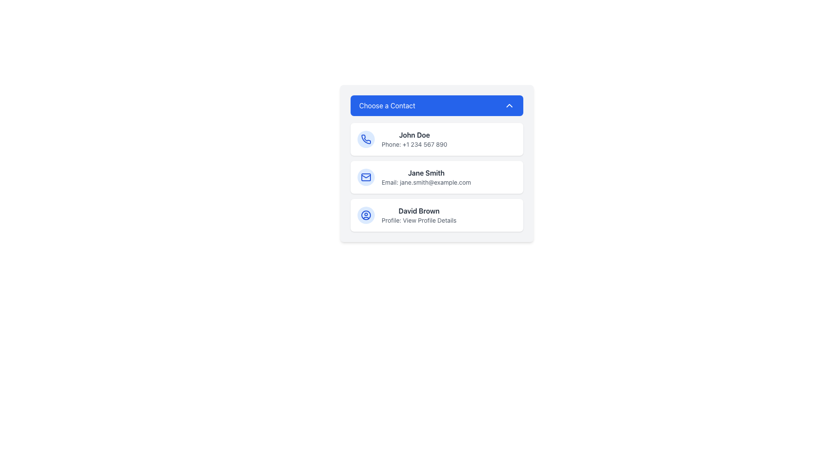 This screenshot has width=829, height=466. Describe the element at coordinates (414, 135) in the screenshot. I see `the text label displaying 'John Doe' in bold, dark gray font, which is located at the topmost contact card in the contact list interface` at that location.